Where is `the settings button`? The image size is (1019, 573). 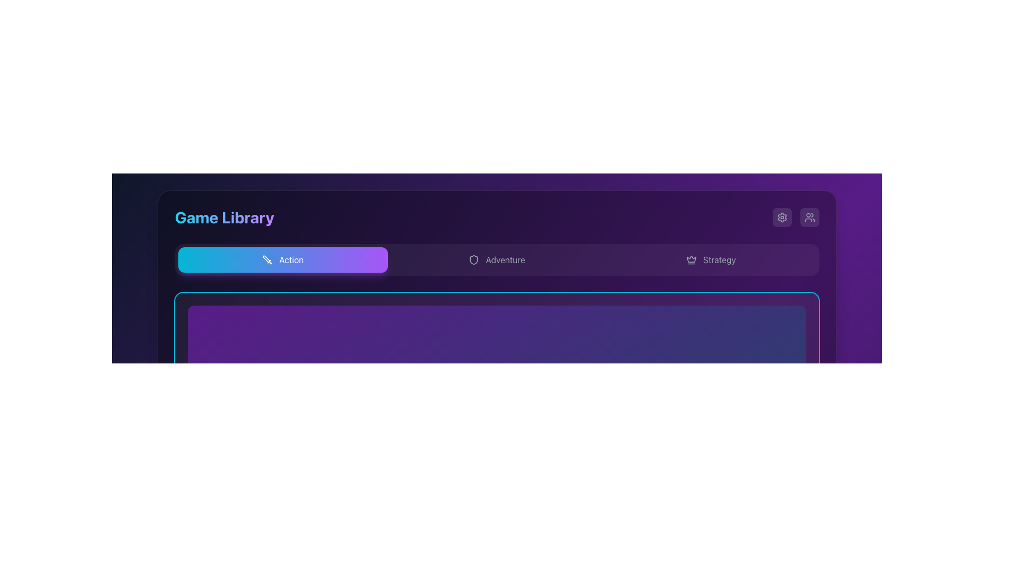
the settings button is located at coordinates (782, 216).